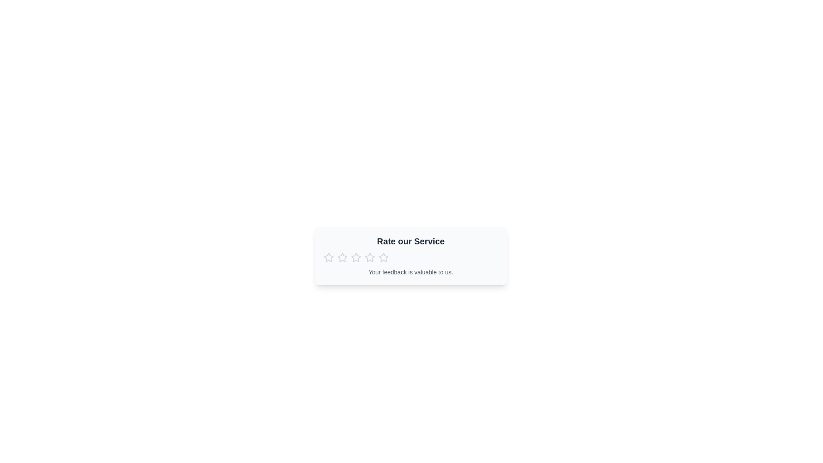 The image size is (823, 463). What do you see at coordinates (328, 257) in the screenshot?
I see `the star-shaped icon, which is the first star in a horizontal series of five stars, to rate the service under the heading 'Rate our Service'` at bounding box center [328, 257].